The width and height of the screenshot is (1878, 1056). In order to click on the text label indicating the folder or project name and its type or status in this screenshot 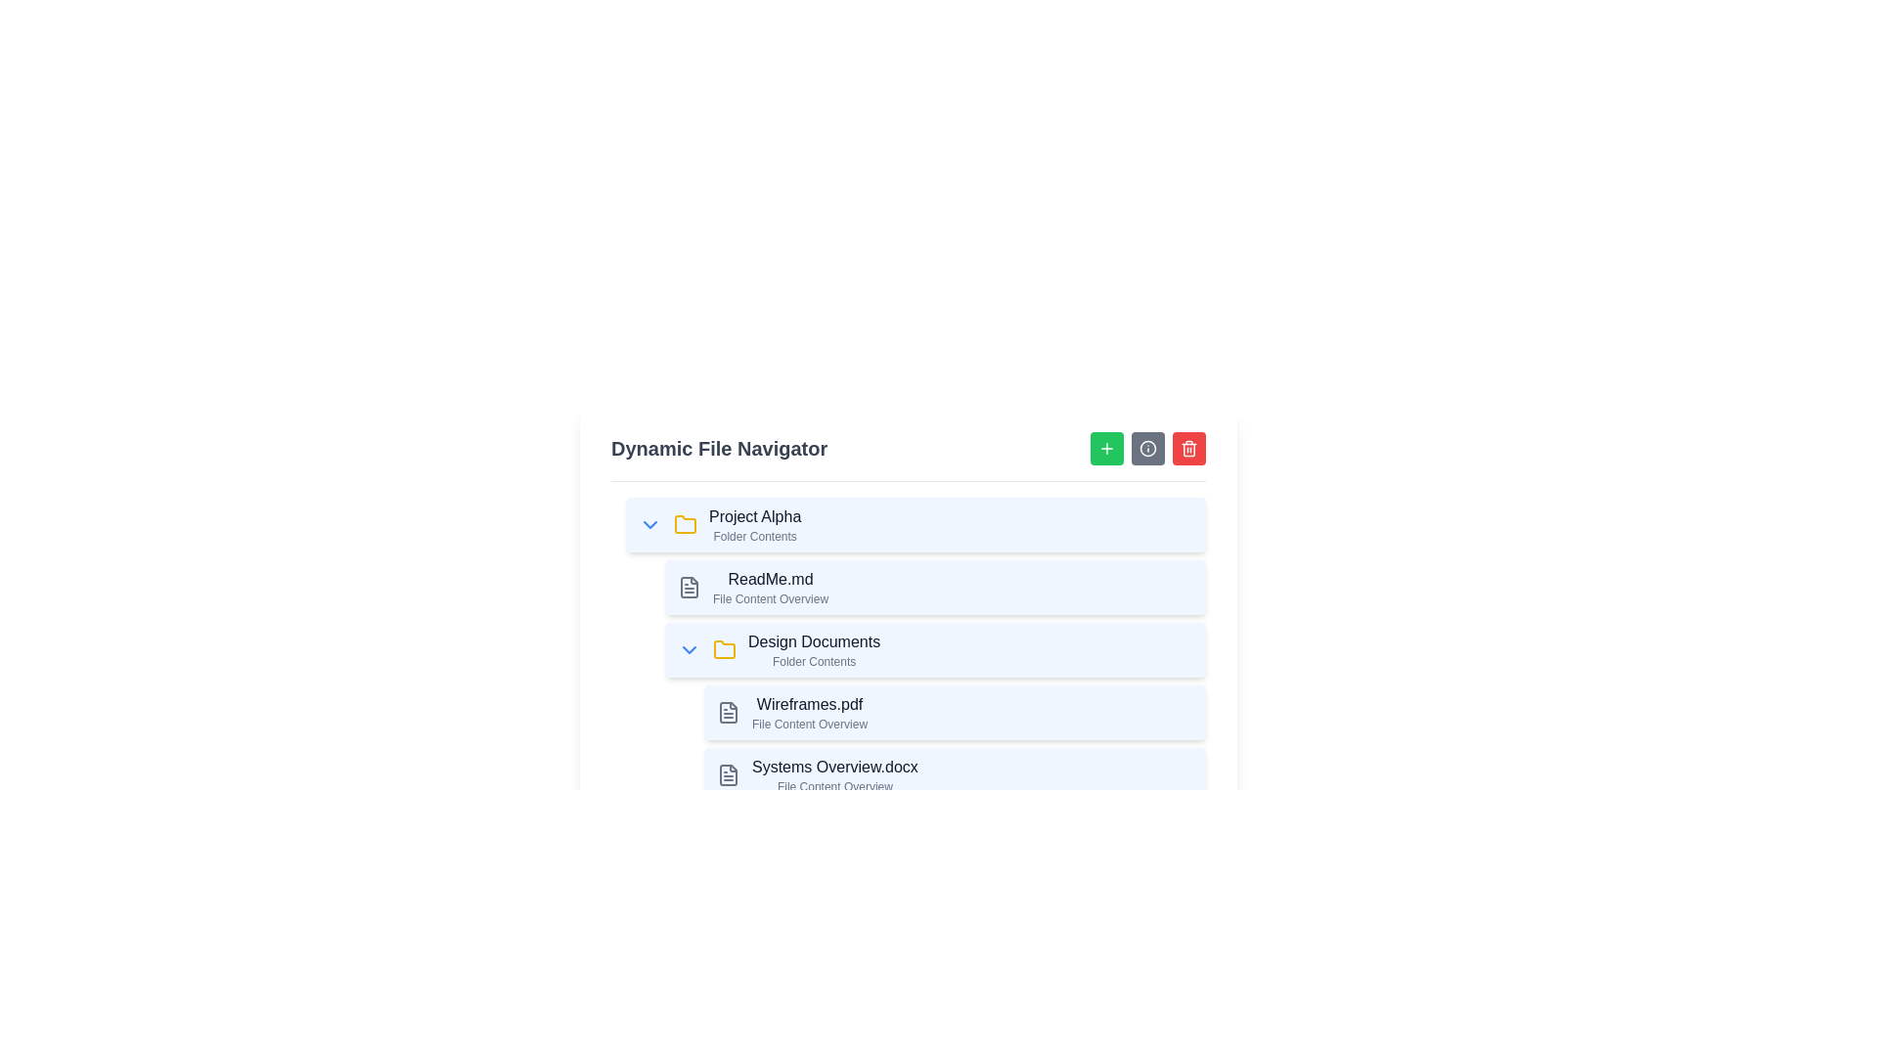, I will do `click(754, 523)`.